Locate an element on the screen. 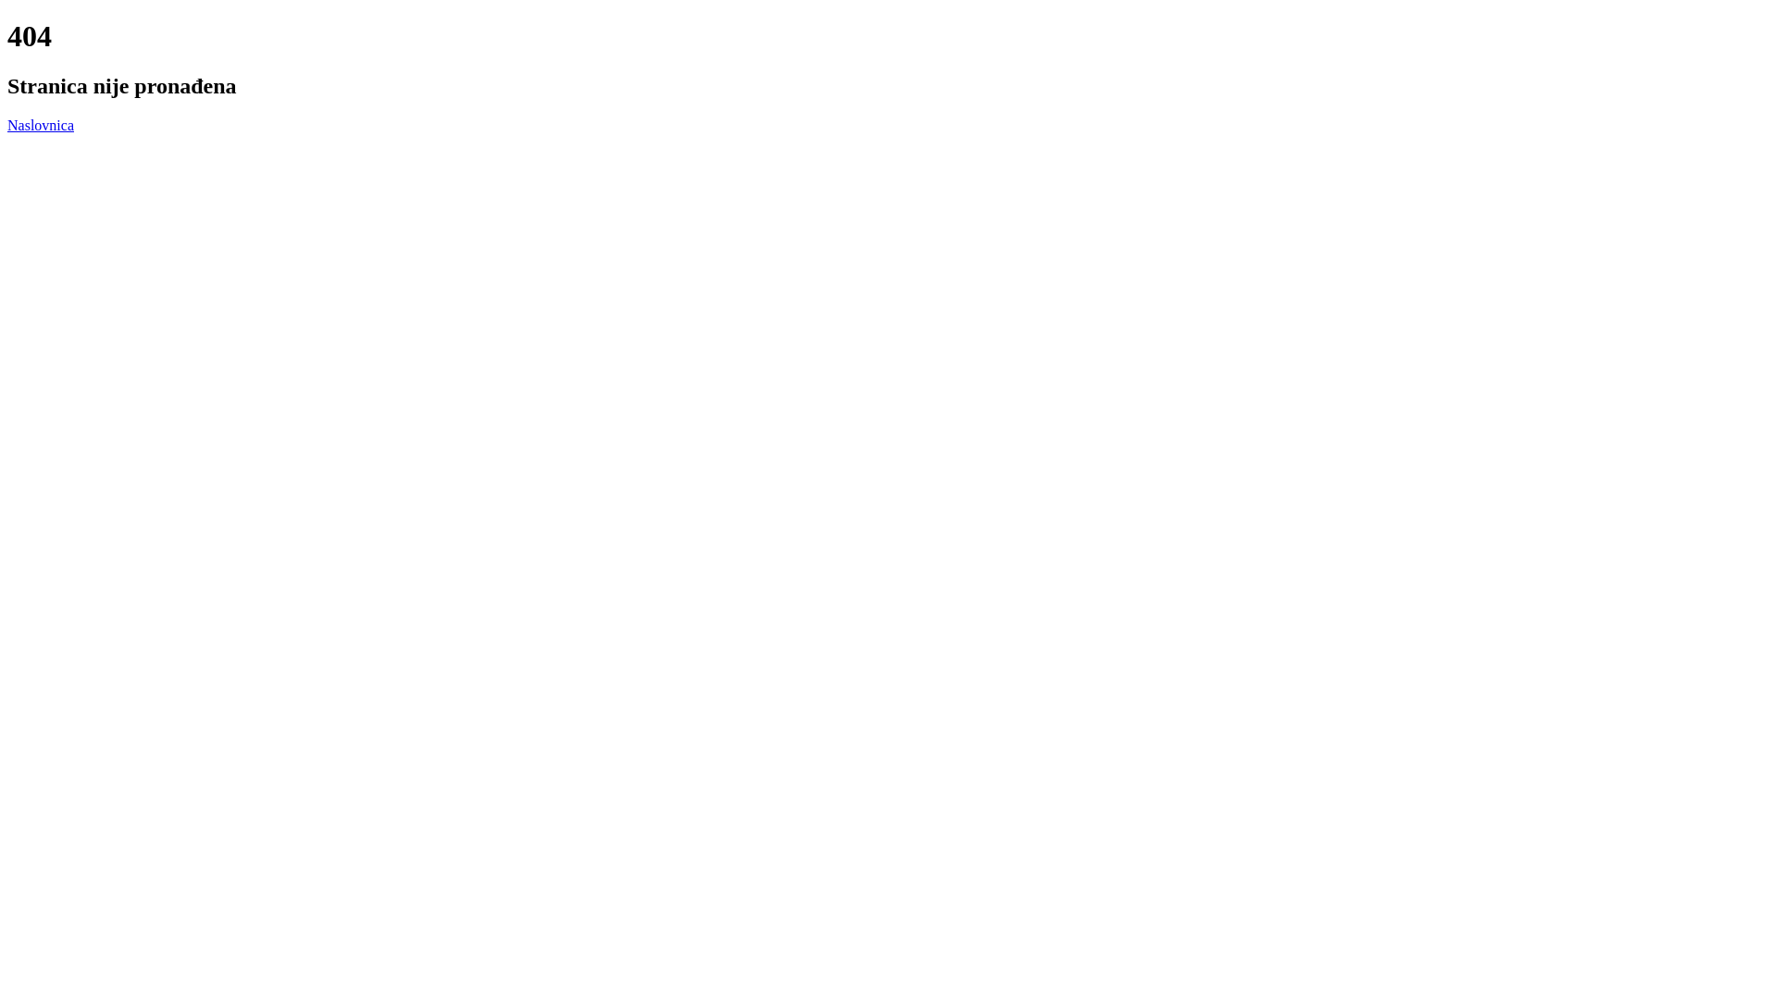  'Naslovnica' is located at coordinates (7, 125).